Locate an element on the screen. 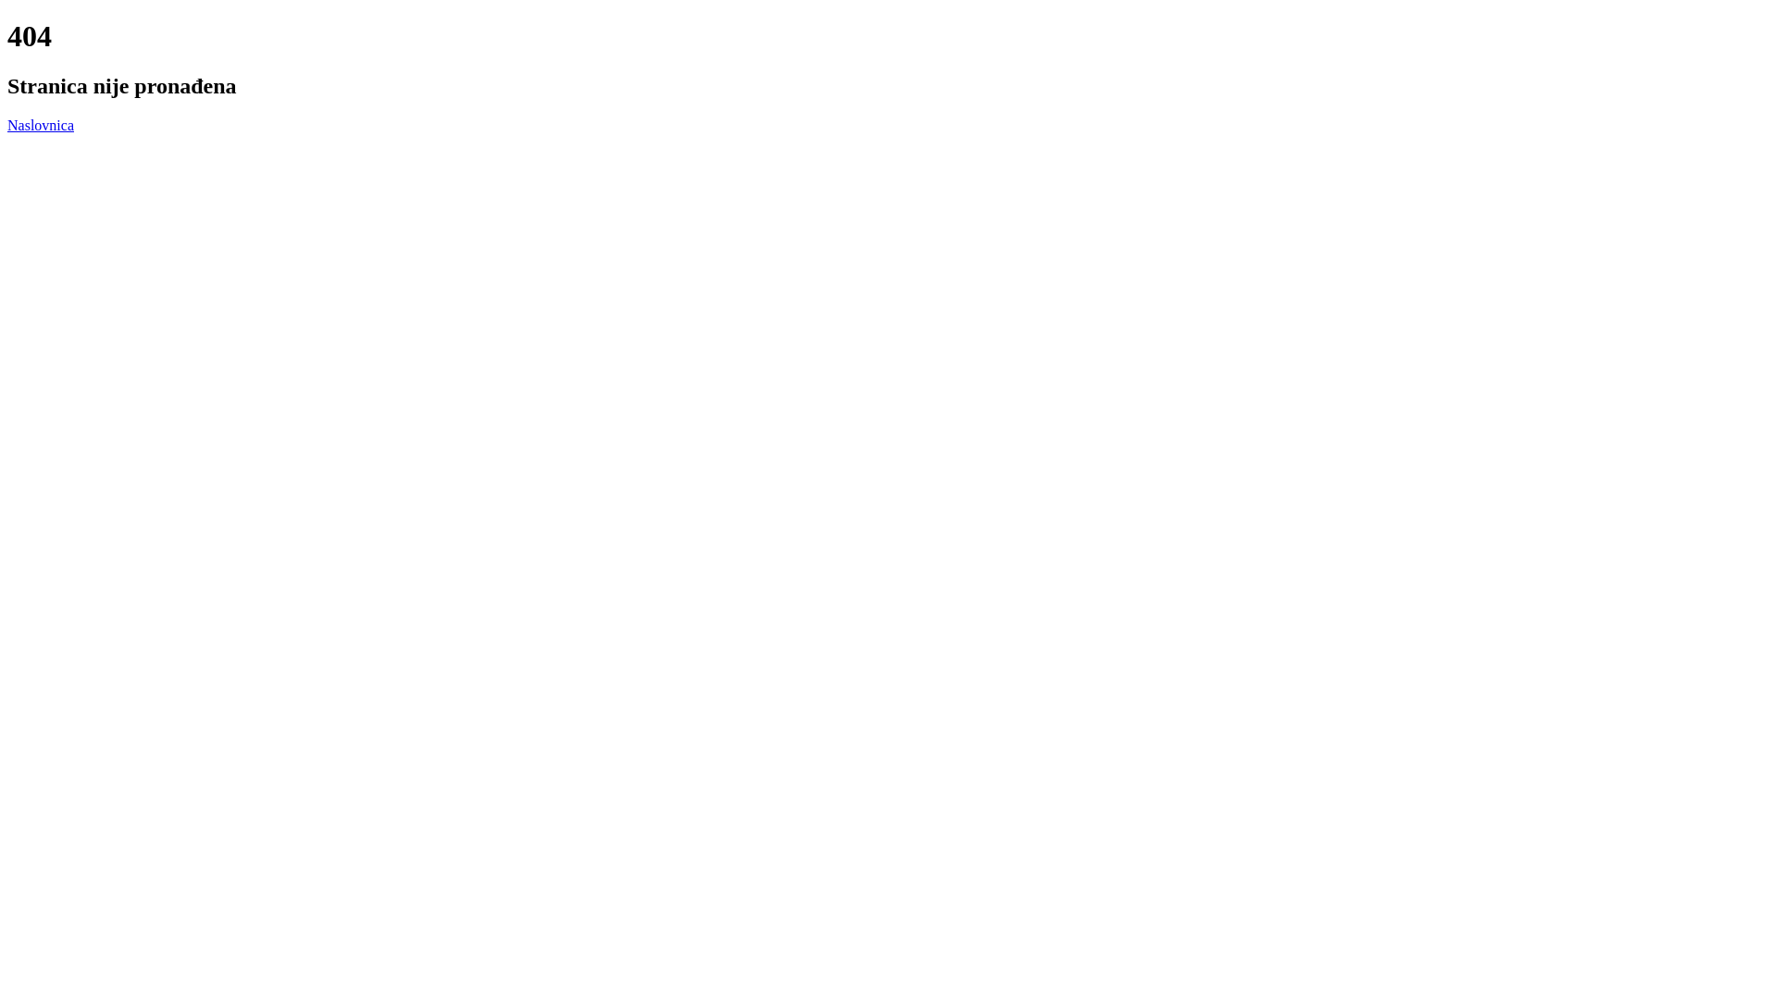  'Naslovnica' is located at coordinates (7, 125).